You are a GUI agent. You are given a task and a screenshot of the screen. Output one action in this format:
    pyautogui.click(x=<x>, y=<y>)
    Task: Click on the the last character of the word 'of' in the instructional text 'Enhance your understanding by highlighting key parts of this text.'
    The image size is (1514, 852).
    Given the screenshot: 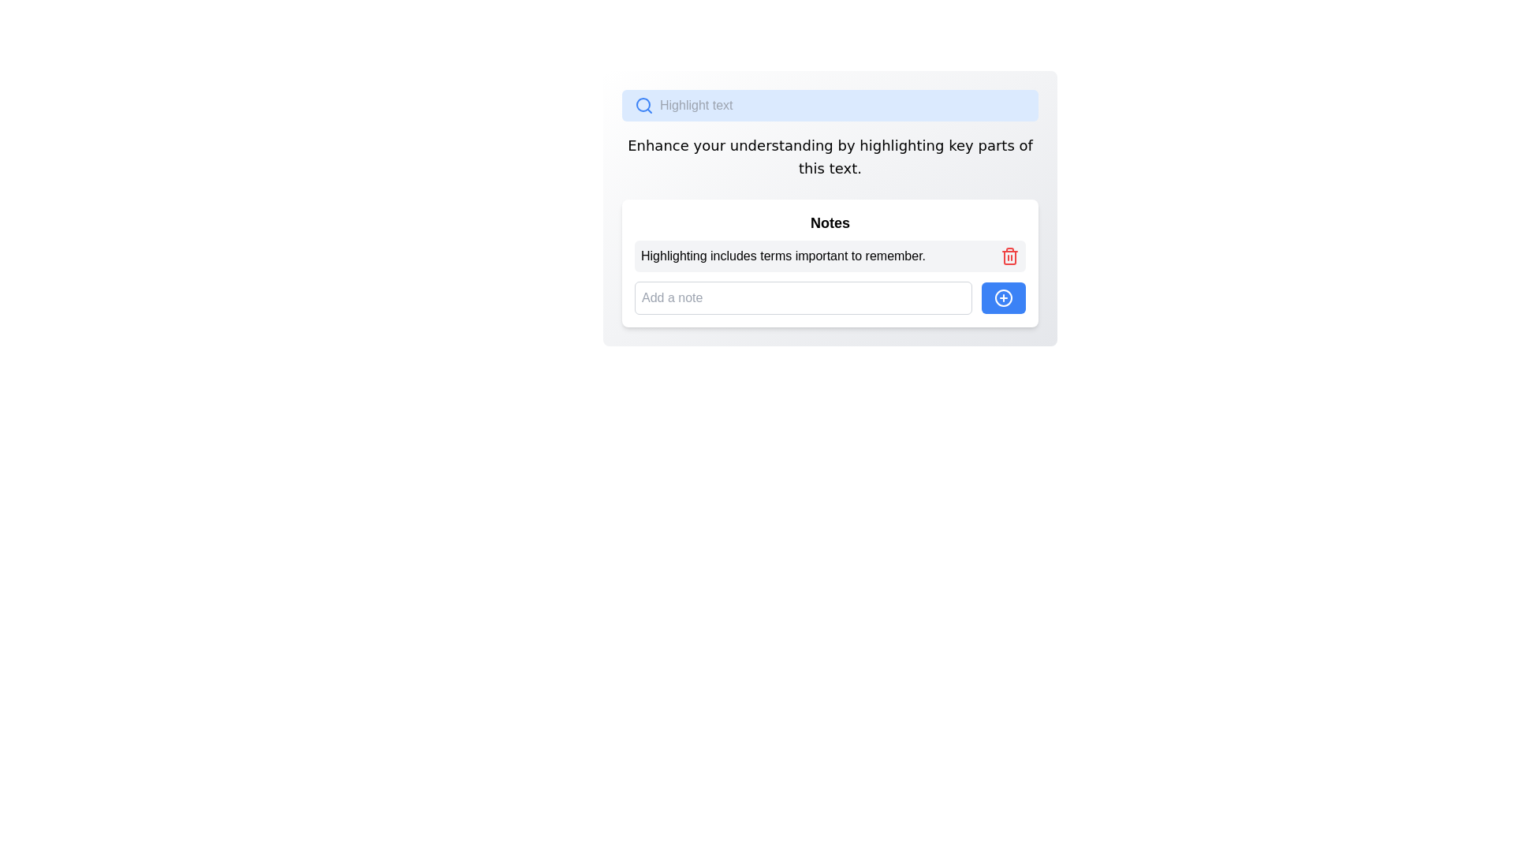 What is the action you would take?
    pyautogui.click(x=1030, y=145)
    